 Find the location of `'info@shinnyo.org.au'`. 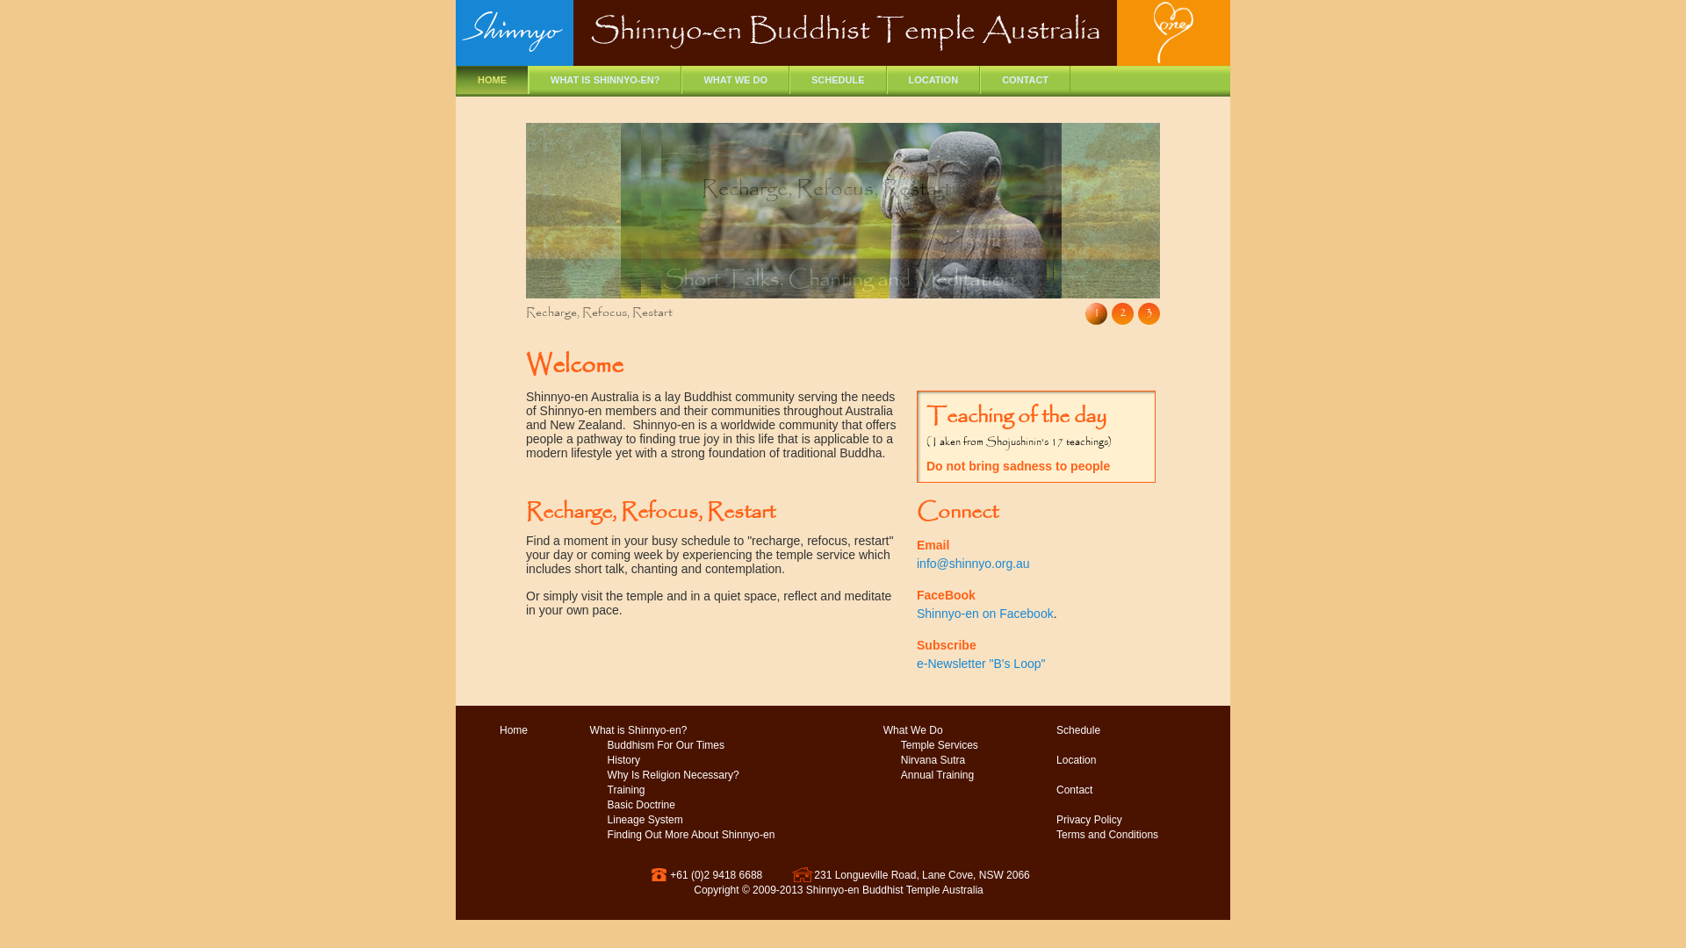

'info@shinnyo.org.au' is located at coordinates (972, 563).